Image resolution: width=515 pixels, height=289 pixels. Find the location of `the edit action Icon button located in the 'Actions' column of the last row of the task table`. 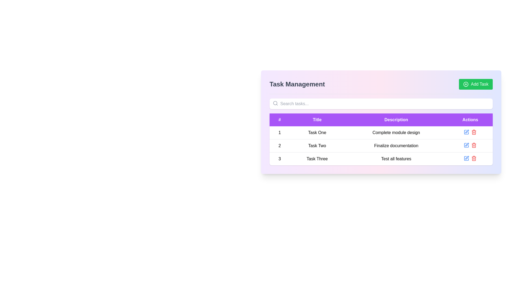

the edit action Icon button located in the 'Actions' column of the last row of the task table is located at coordinates (466, 158).